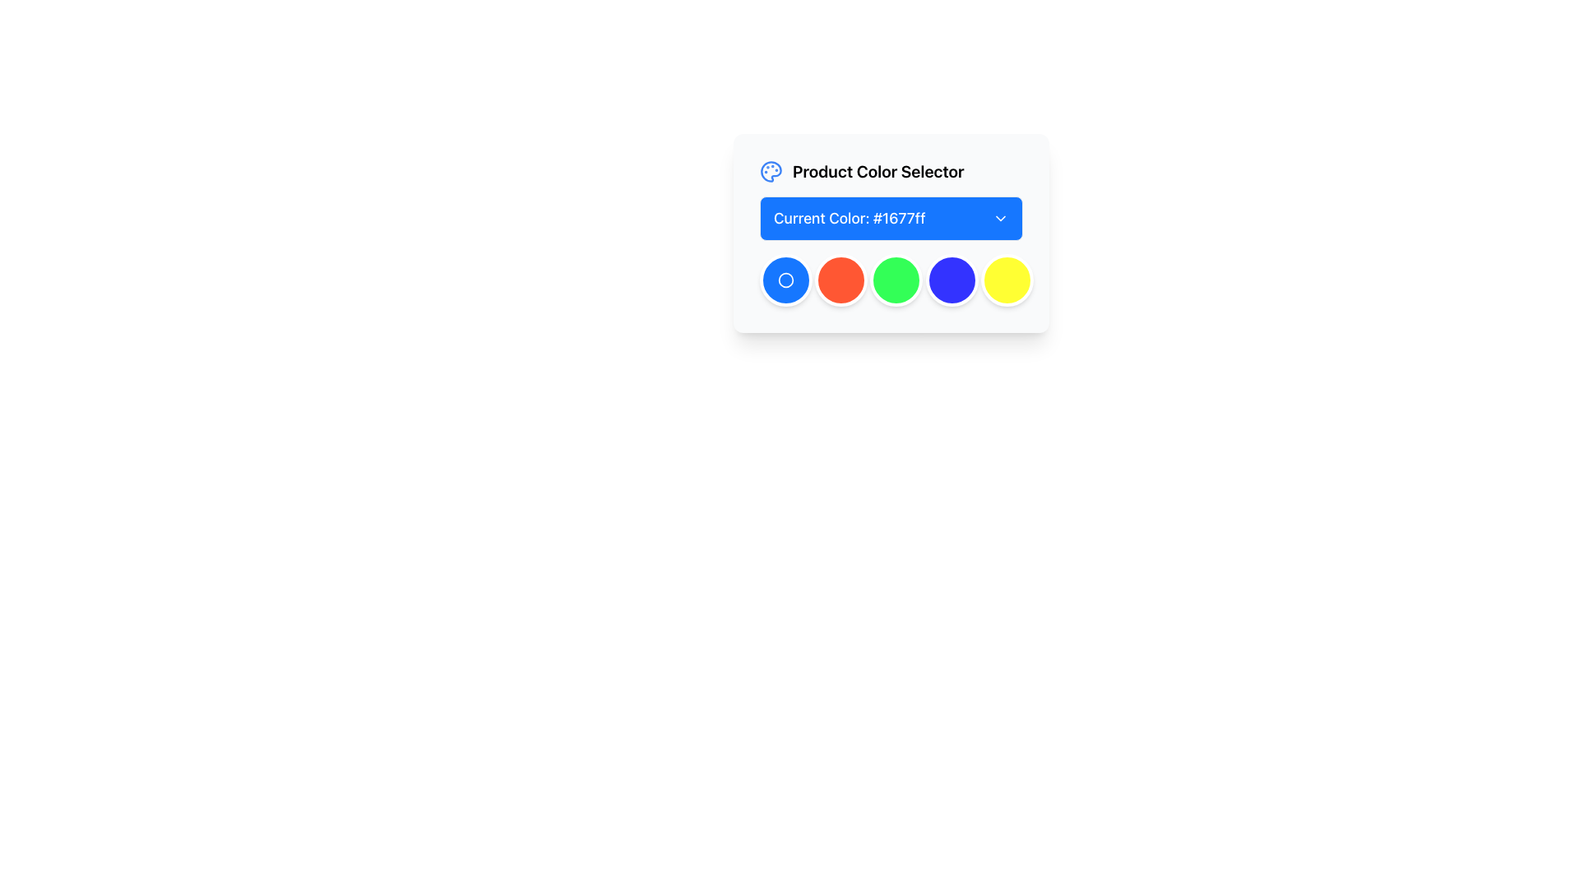 This screenshot has width=1579, height=888. I want to click on the first circular icon with a white border and blue-filled background located in the grid of circular buttons under the 'Current Color: #1677ff' dropdown, so click(785, 279).